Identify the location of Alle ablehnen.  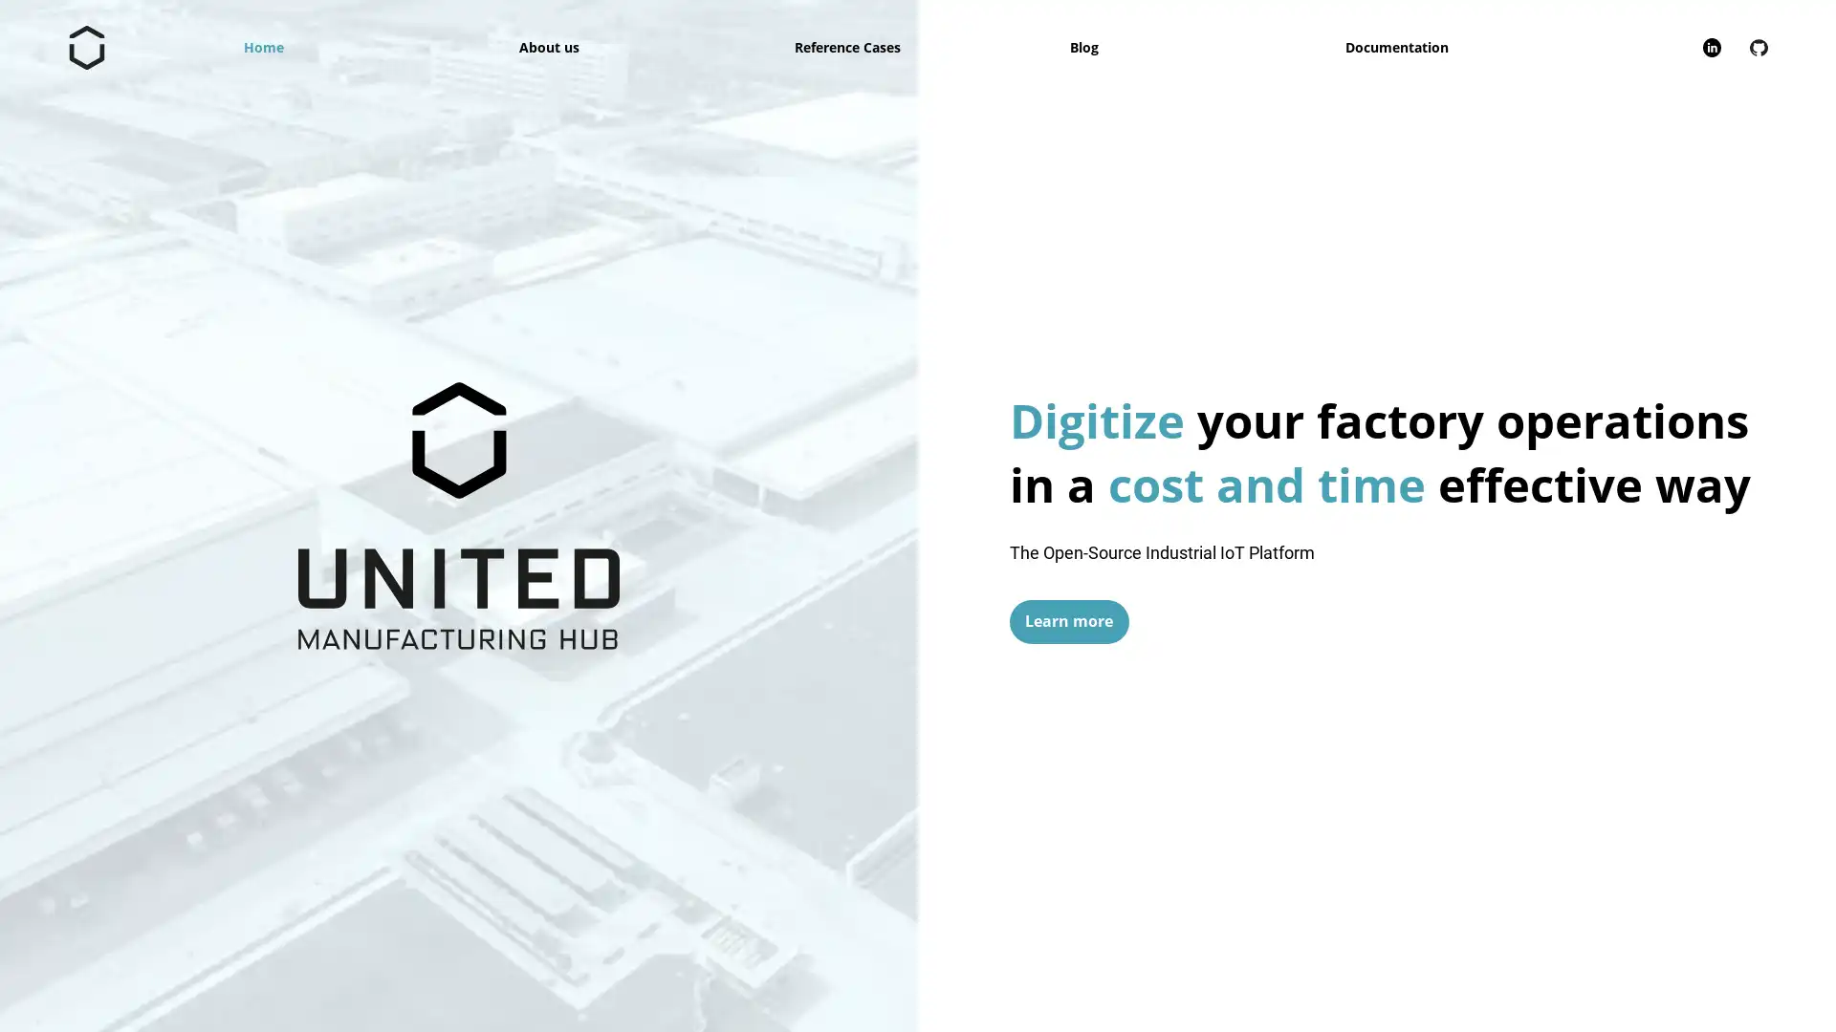
(1606, 1000).